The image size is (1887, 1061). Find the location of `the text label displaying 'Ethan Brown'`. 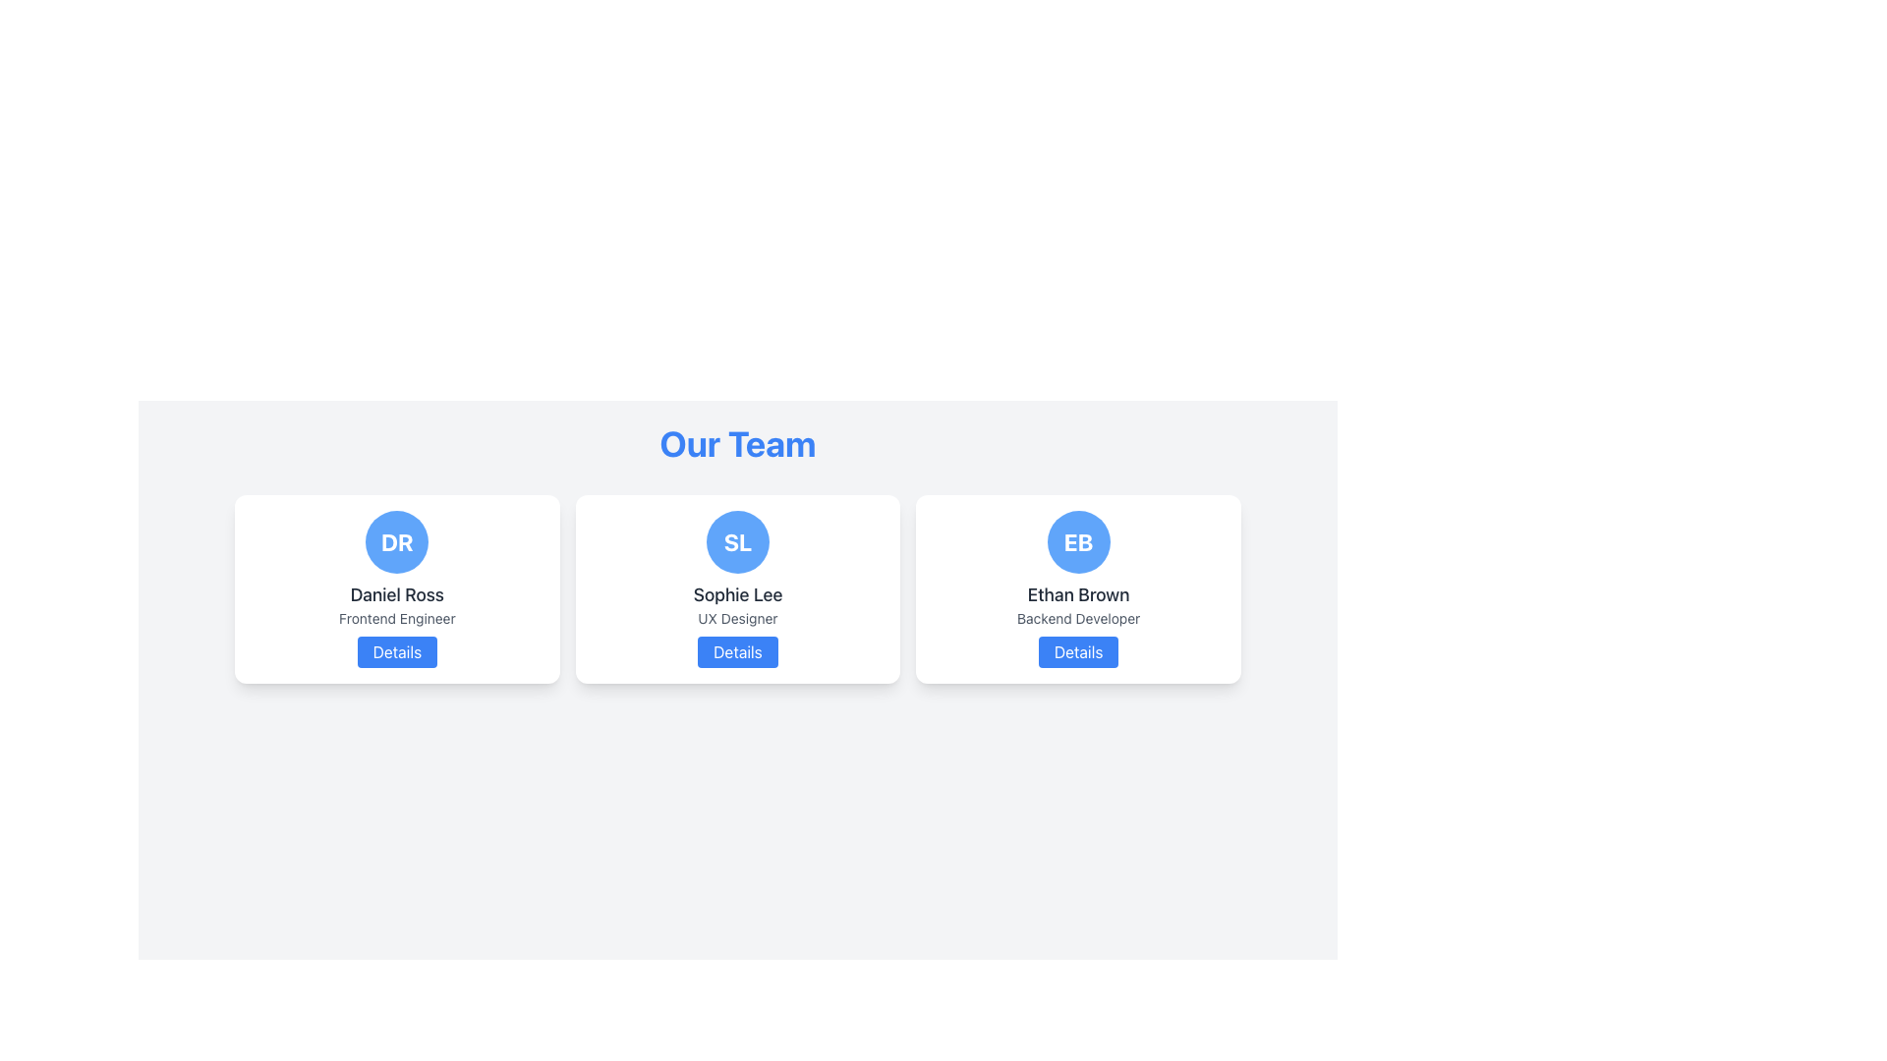

the text label displaying 'Ethan Brown' is located at coordinates (1077, 593).